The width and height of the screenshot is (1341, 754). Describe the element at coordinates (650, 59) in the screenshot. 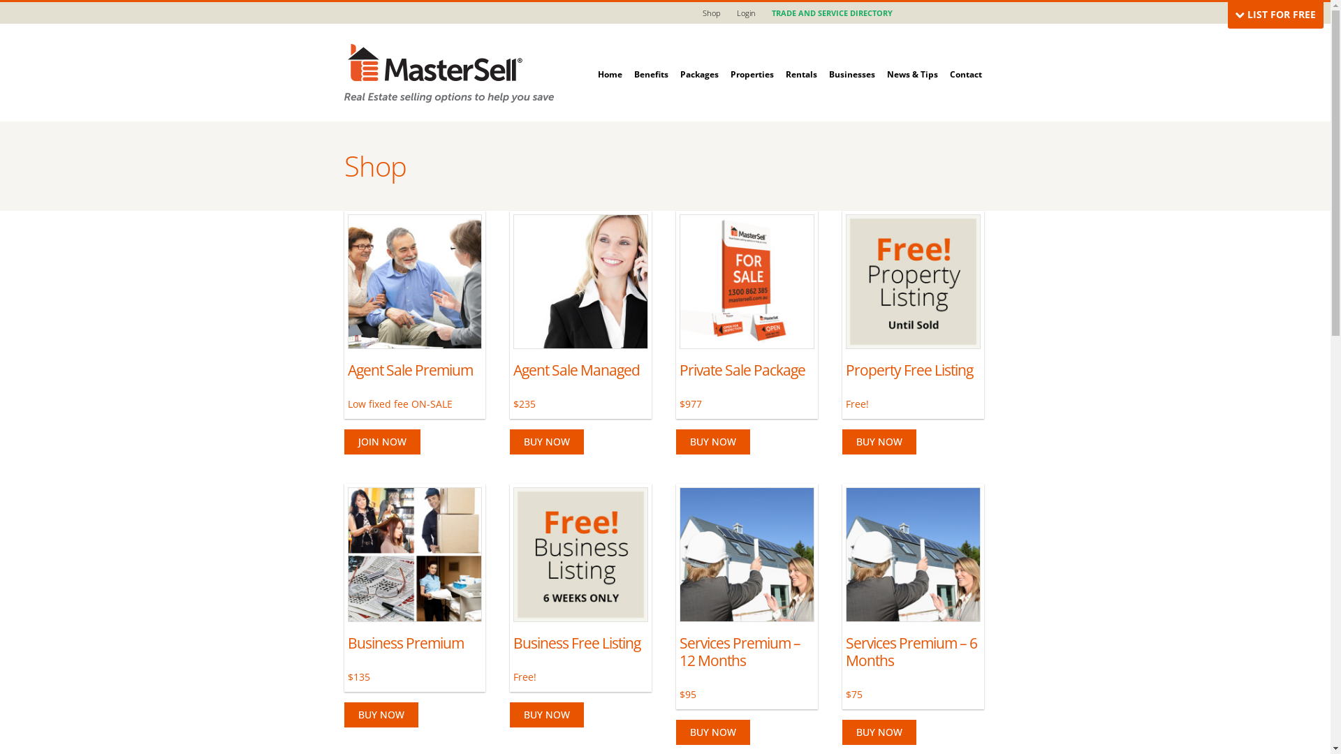

I see `'Benefits'` at that location.